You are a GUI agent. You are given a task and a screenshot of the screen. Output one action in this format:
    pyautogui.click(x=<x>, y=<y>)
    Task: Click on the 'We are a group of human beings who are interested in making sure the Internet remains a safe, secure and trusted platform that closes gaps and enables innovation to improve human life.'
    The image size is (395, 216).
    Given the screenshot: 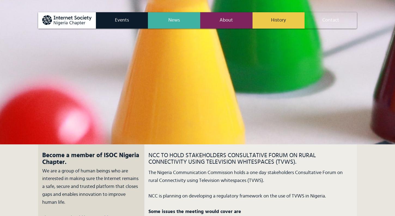 What is the action you would take?
    pyautogui.click(x=42, y=186)
    